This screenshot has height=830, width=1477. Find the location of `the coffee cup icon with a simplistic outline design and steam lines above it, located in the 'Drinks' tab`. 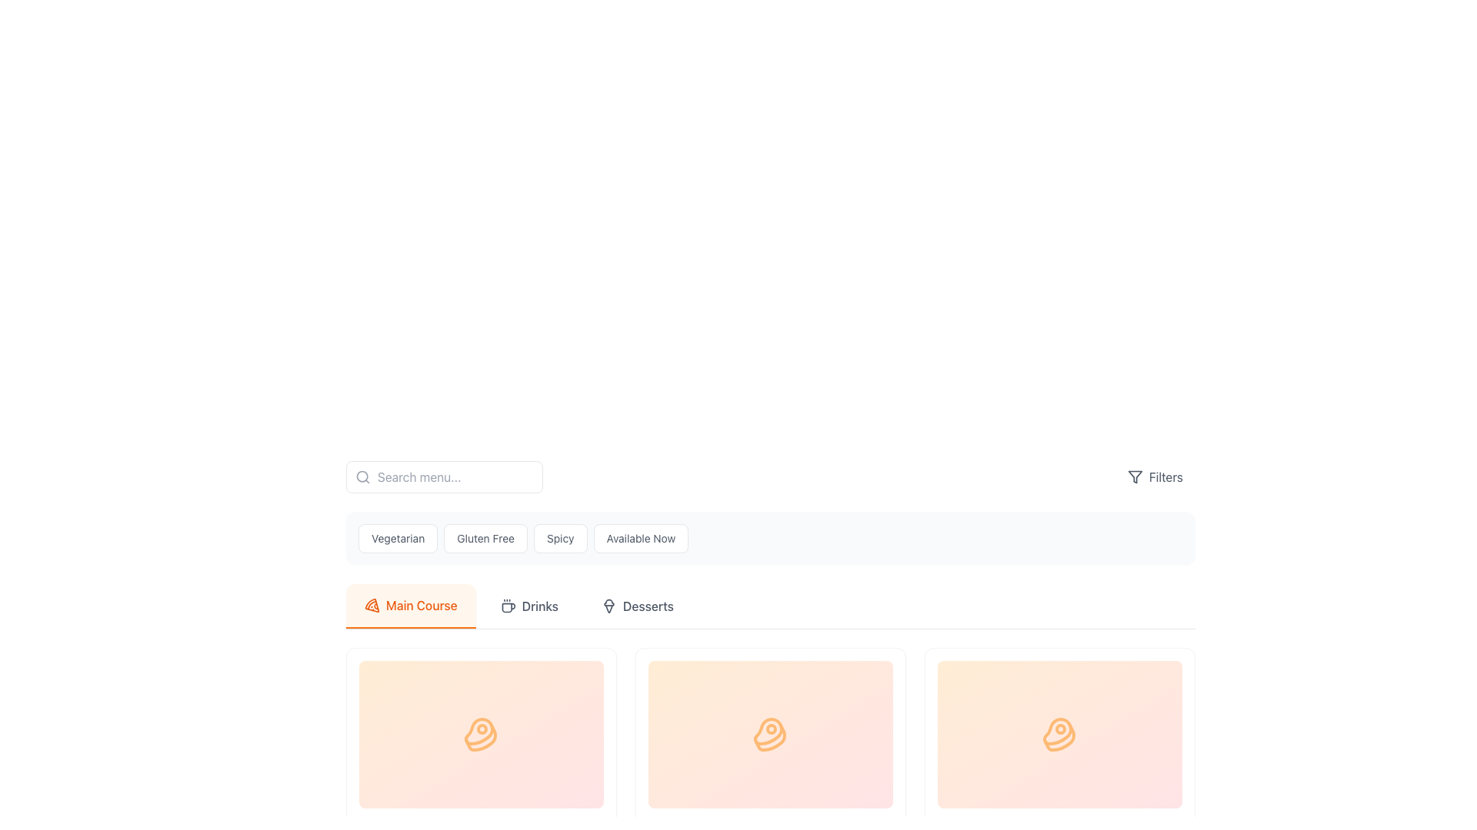

the coffee cup icon with a simplistic outline design and steam lines above it, located in the 'Drinks' tab is located at coordinates (508, 606).